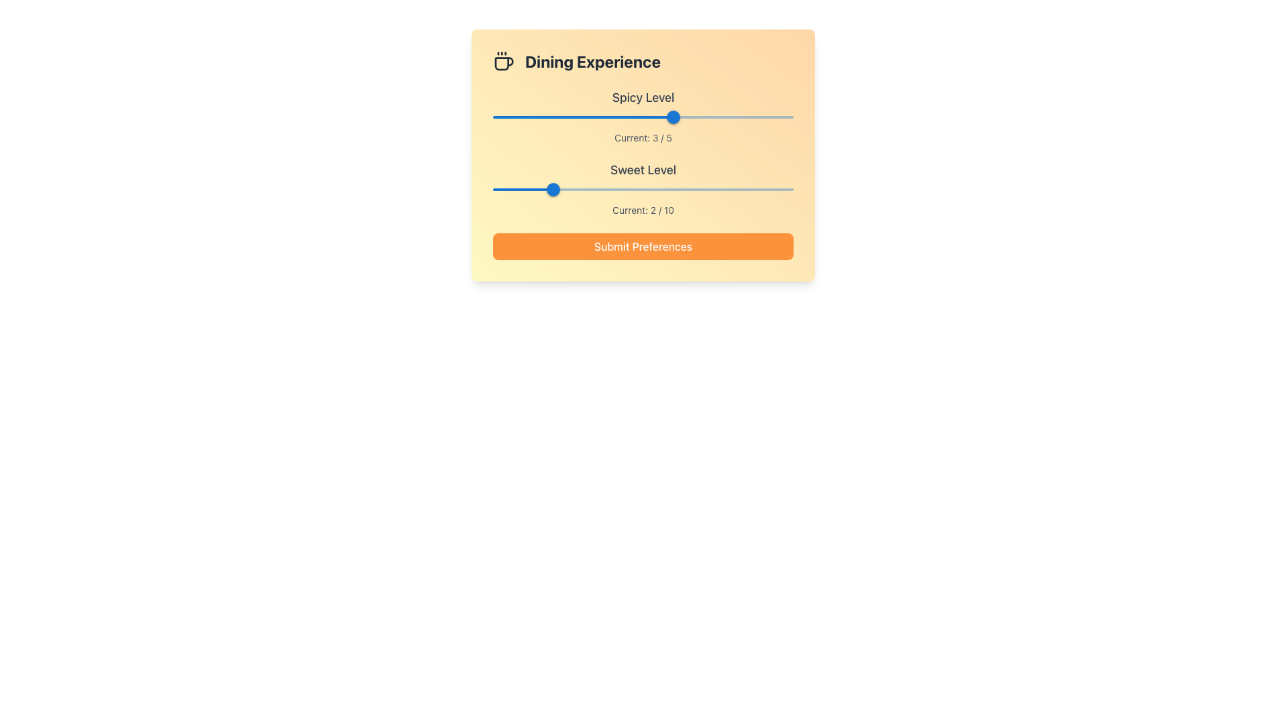 This screenshot has width=1288, height=724. Describe the element at coordinates (698, 116) in the screenshot. I see `the spicy level slider` at that location.